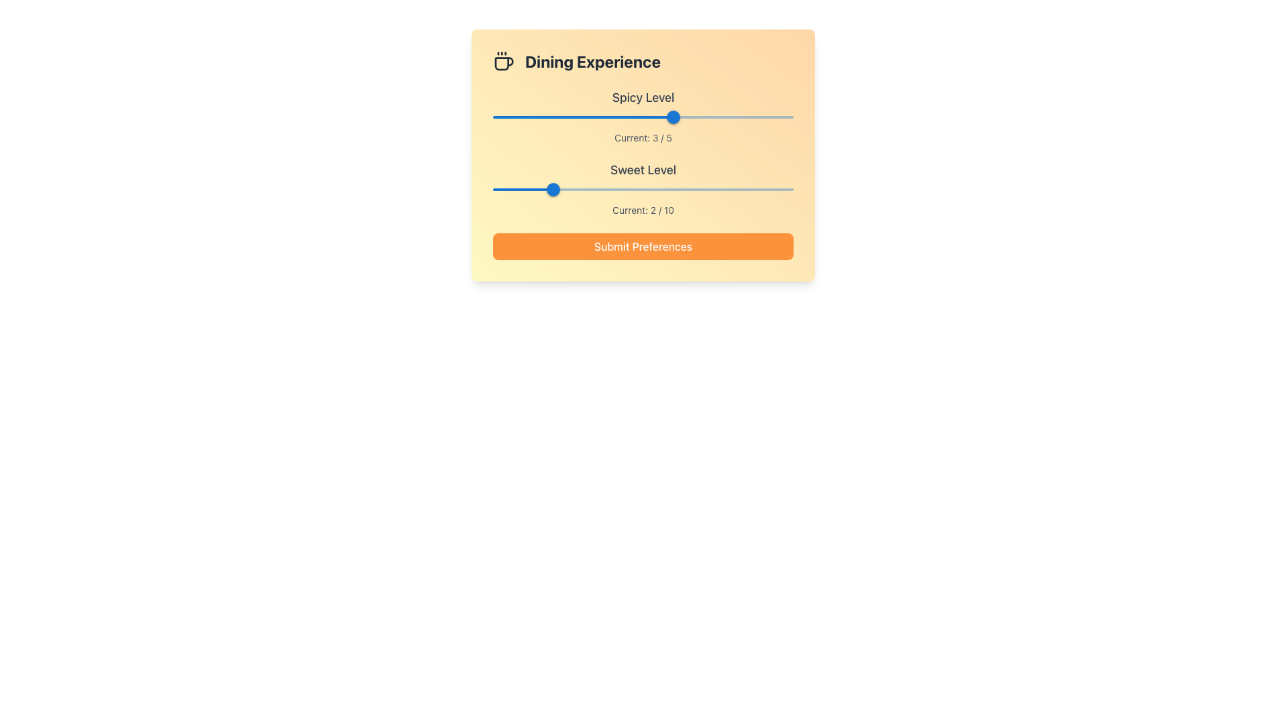 This screenshot has width=1288, height=724. Describe the element at coordinates (698, 116) in the screenshot. I see `the spicy level slider` at that location.